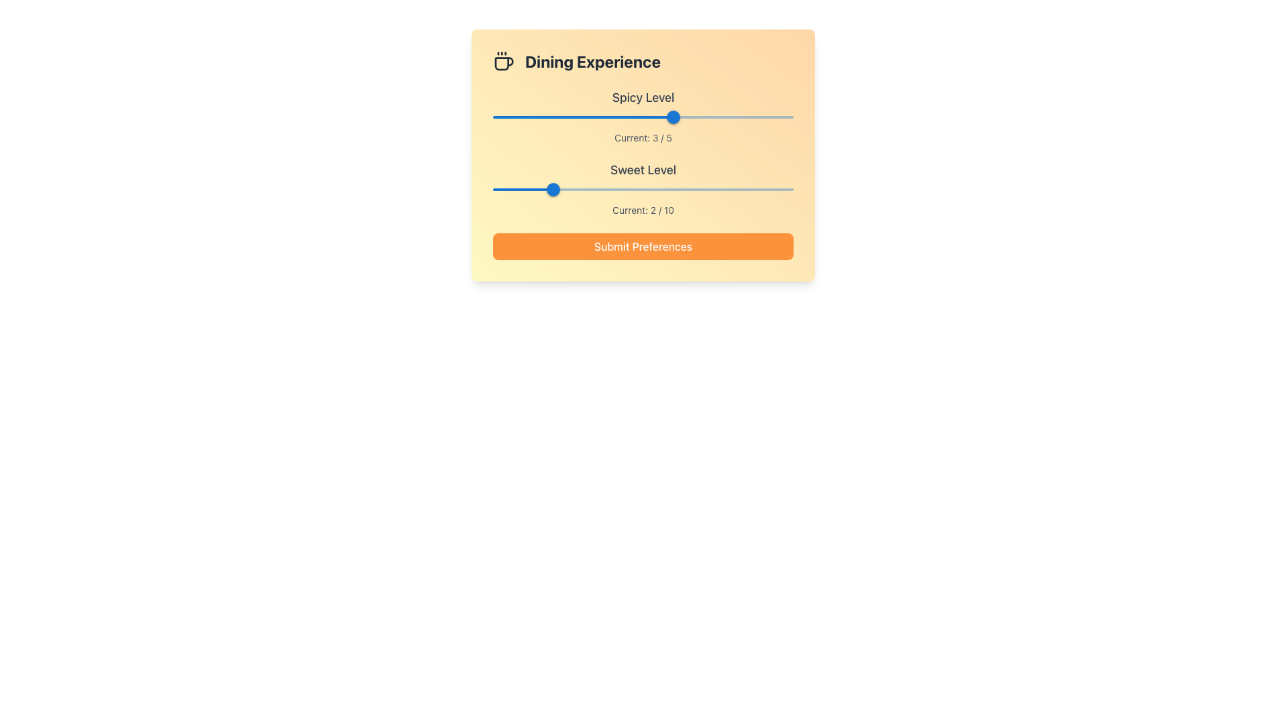 This screenshot has width=1288, height=724. Describe the element at coordinates (698, 116) in the screenshot. I see `the spicy level slider` at that location.